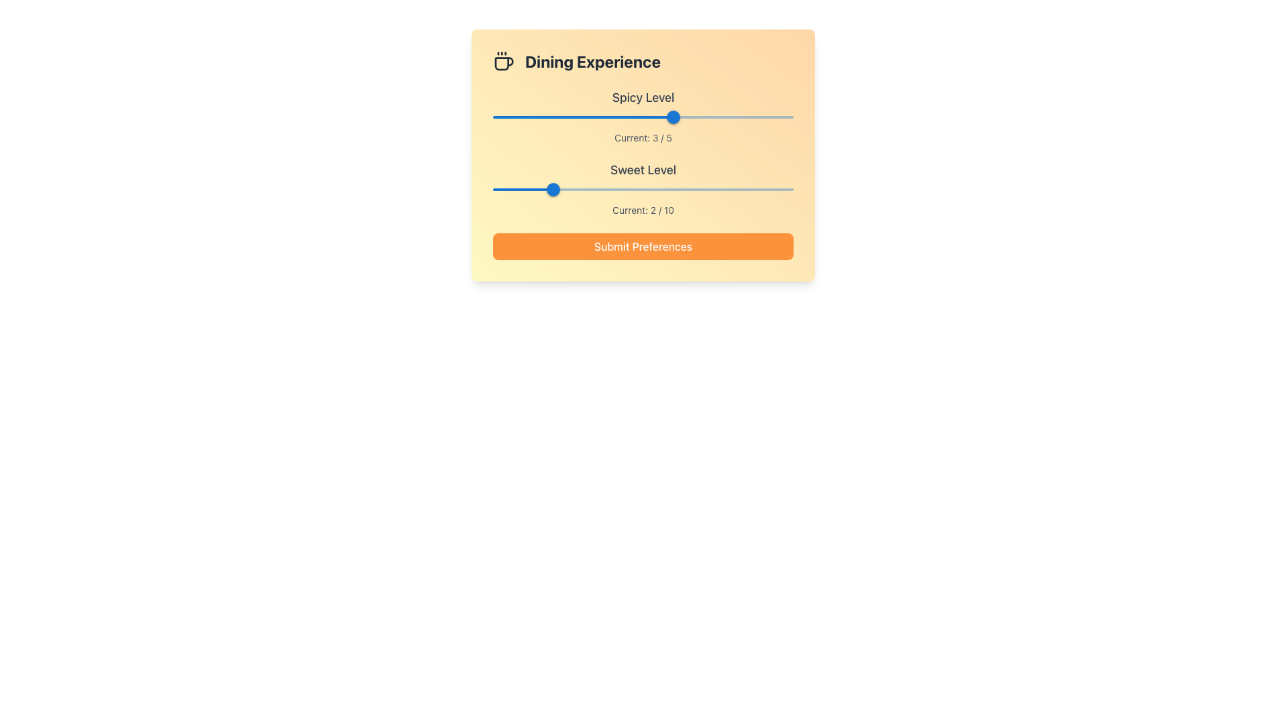 This screenshot has width=1288, height=724. Describe the element at coordinates (698, 116) in the screenshot. I see `the spicy level slider` at that location.